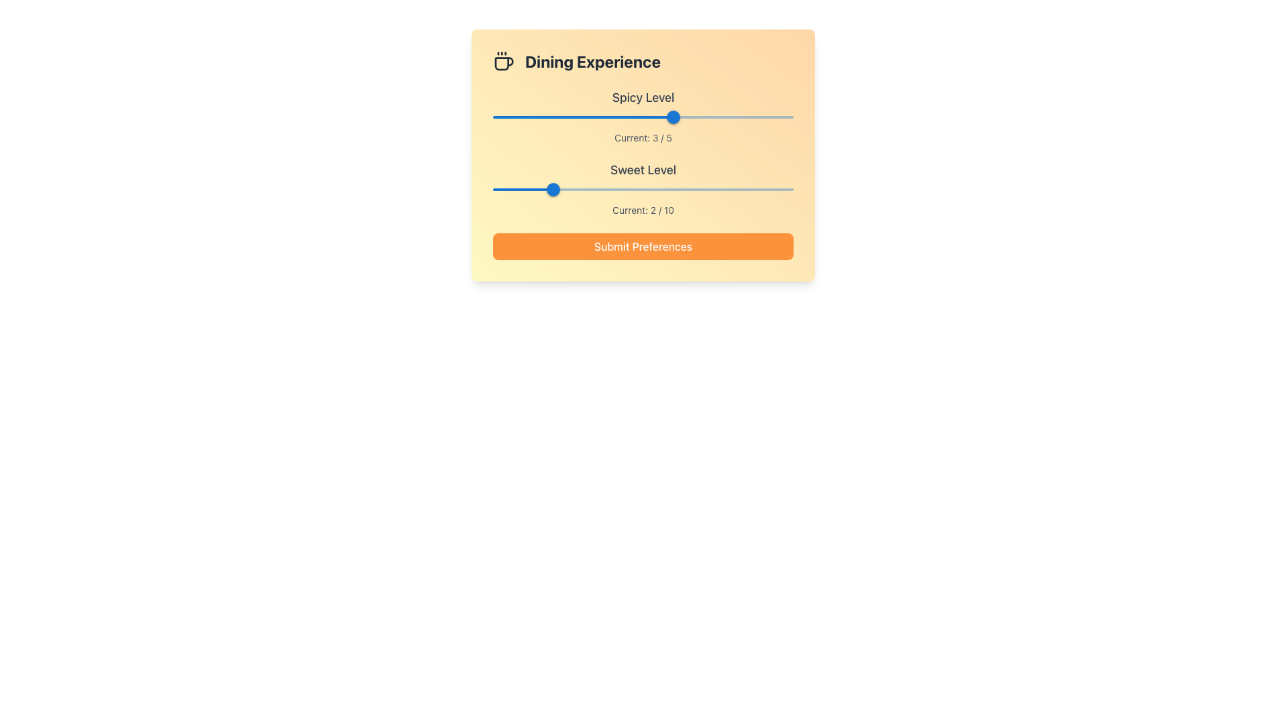 This screenshot has width=1288, height=724. Describe the element at coordinates (698, 116) in the screenshot. I see `the spicy level slider` at that location.